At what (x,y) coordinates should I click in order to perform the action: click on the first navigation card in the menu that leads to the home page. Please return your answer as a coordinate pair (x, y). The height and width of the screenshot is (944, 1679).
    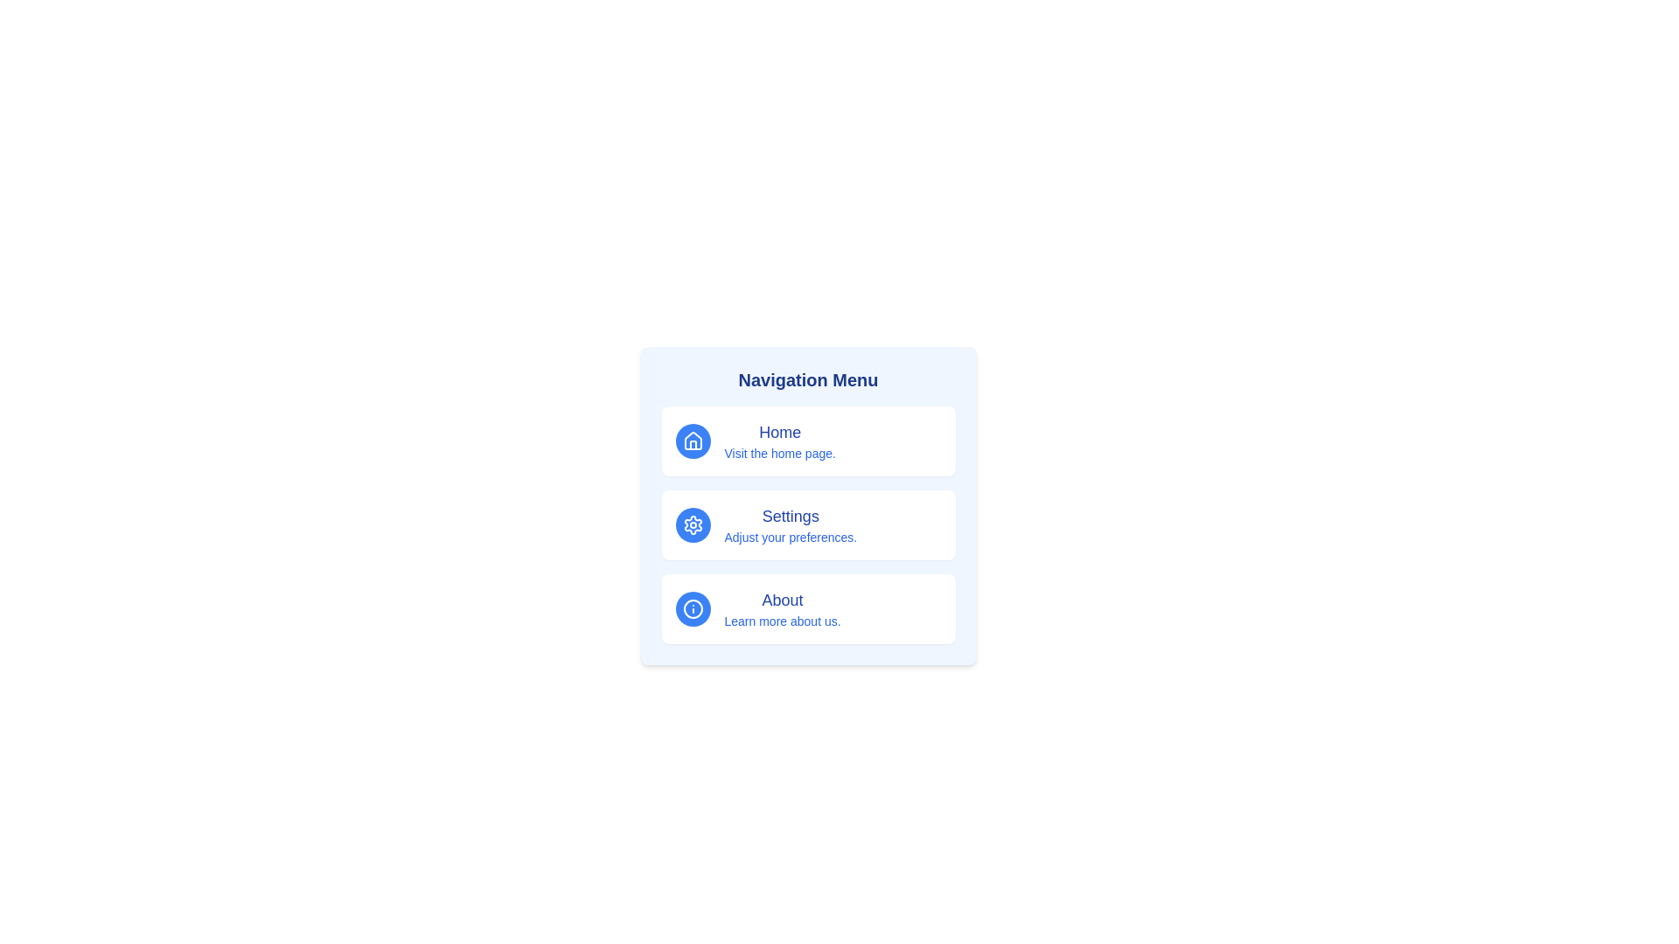
    Looking at the image, I should click on (807, 441).